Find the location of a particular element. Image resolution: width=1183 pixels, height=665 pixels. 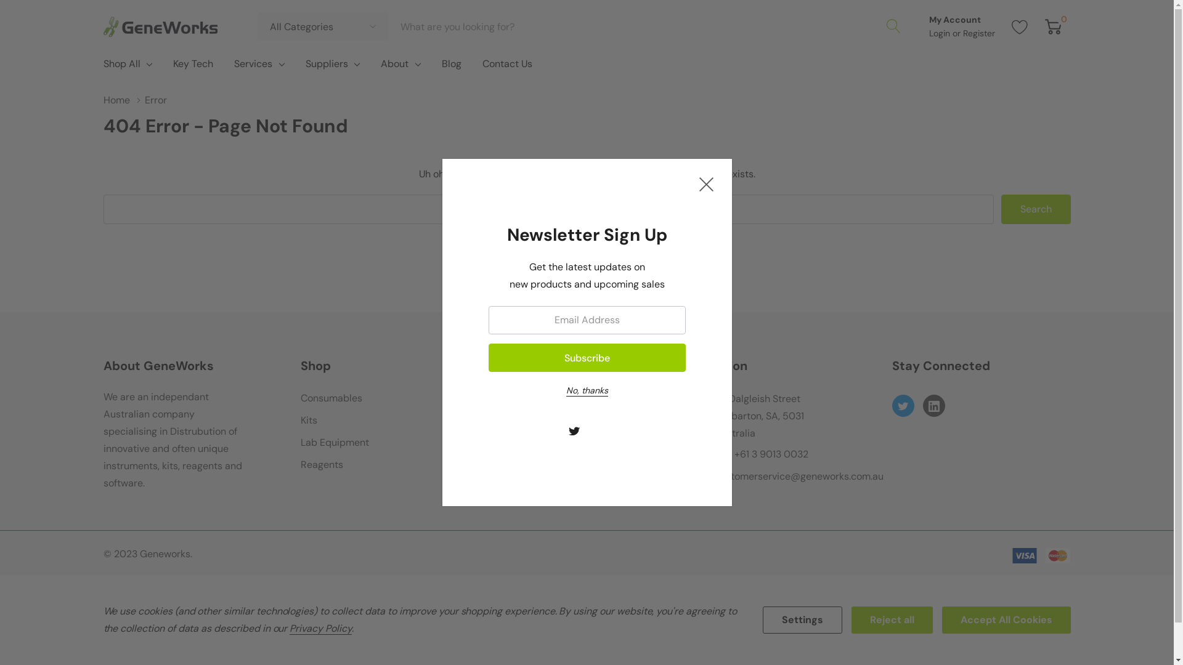

'customerservice@geneworks.com.au' is located at coordinates (799, 476).